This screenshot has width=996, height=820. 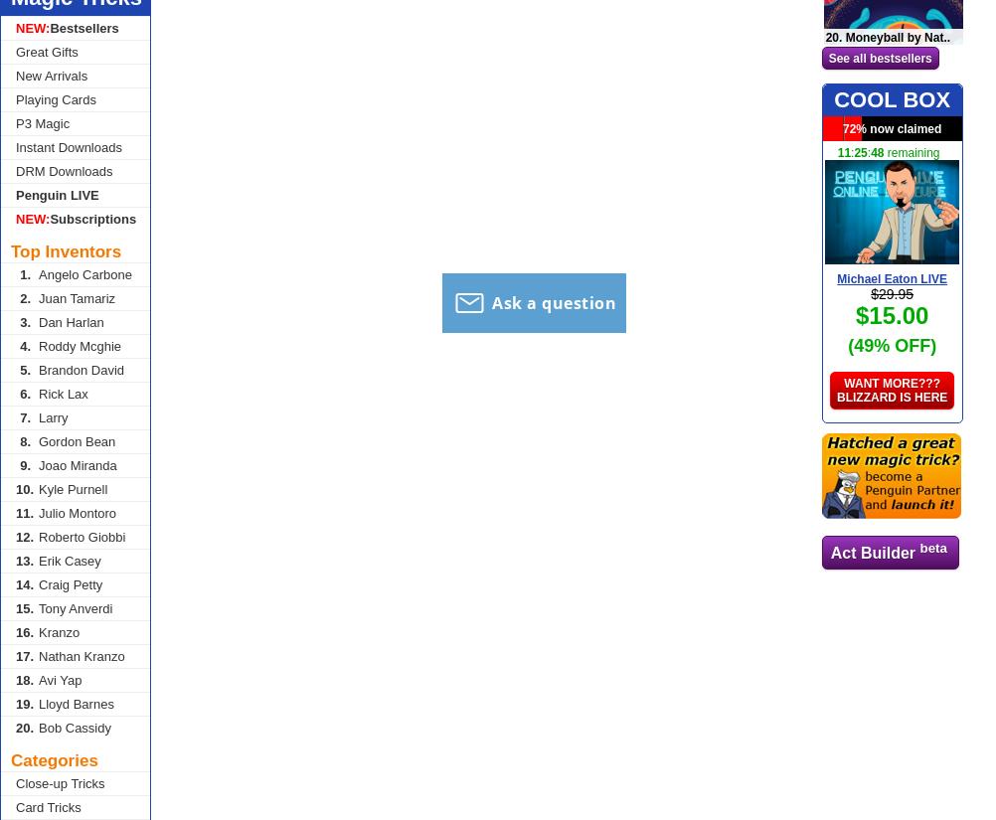 I want to click on '11.', so click(x=25, y=512).